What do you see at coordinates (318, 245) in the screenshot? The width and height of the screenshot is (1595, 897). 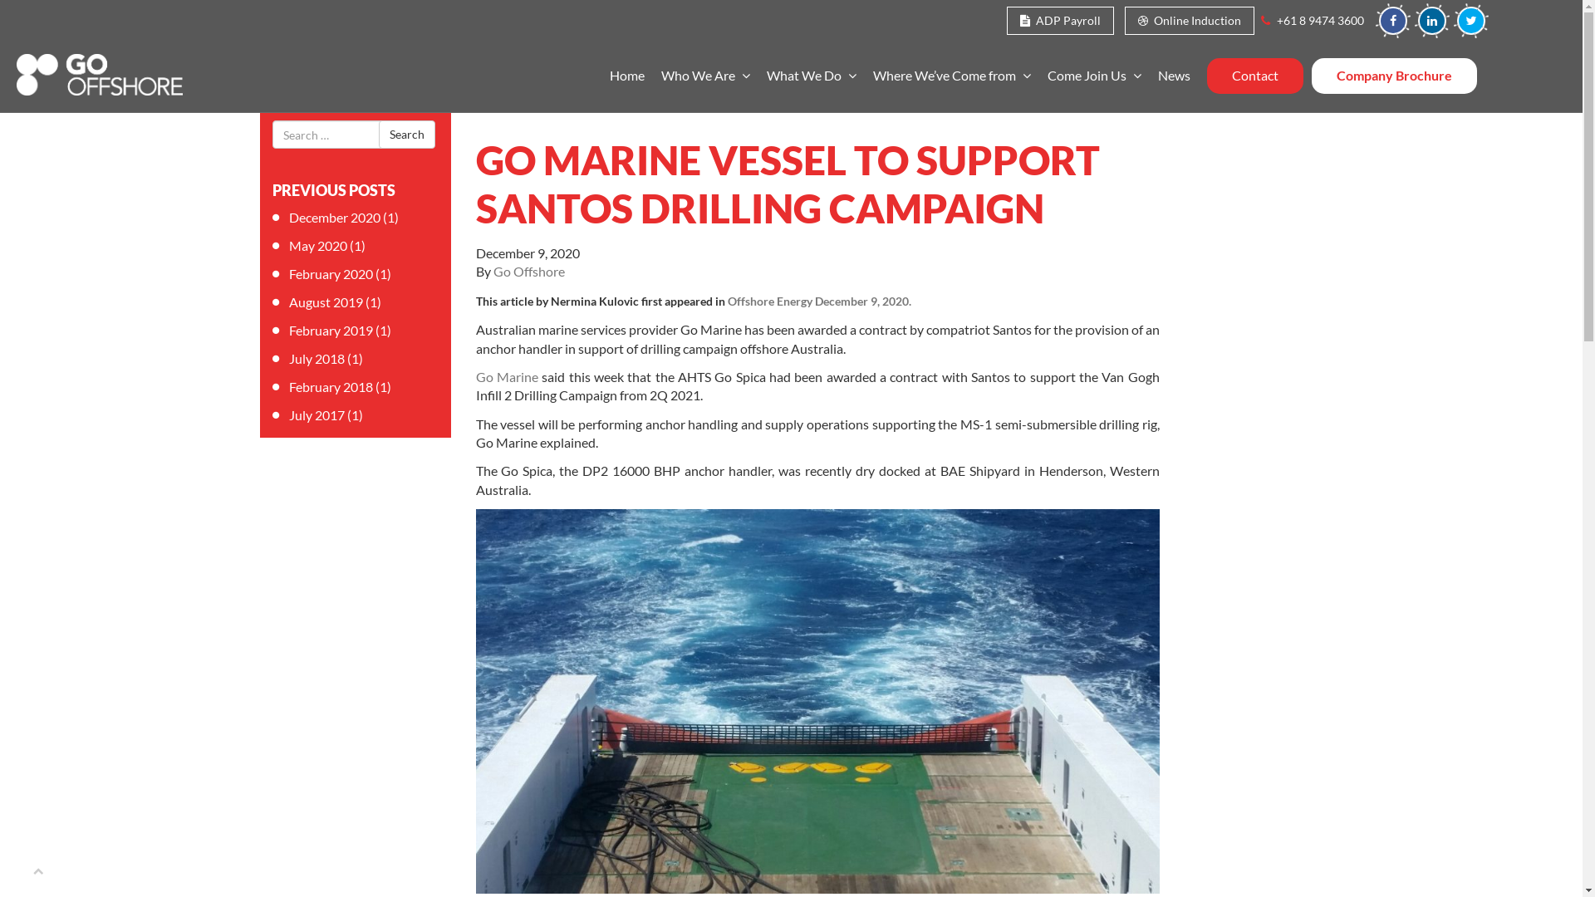 I see `'May 2020'` at bounding box center [318, 245].